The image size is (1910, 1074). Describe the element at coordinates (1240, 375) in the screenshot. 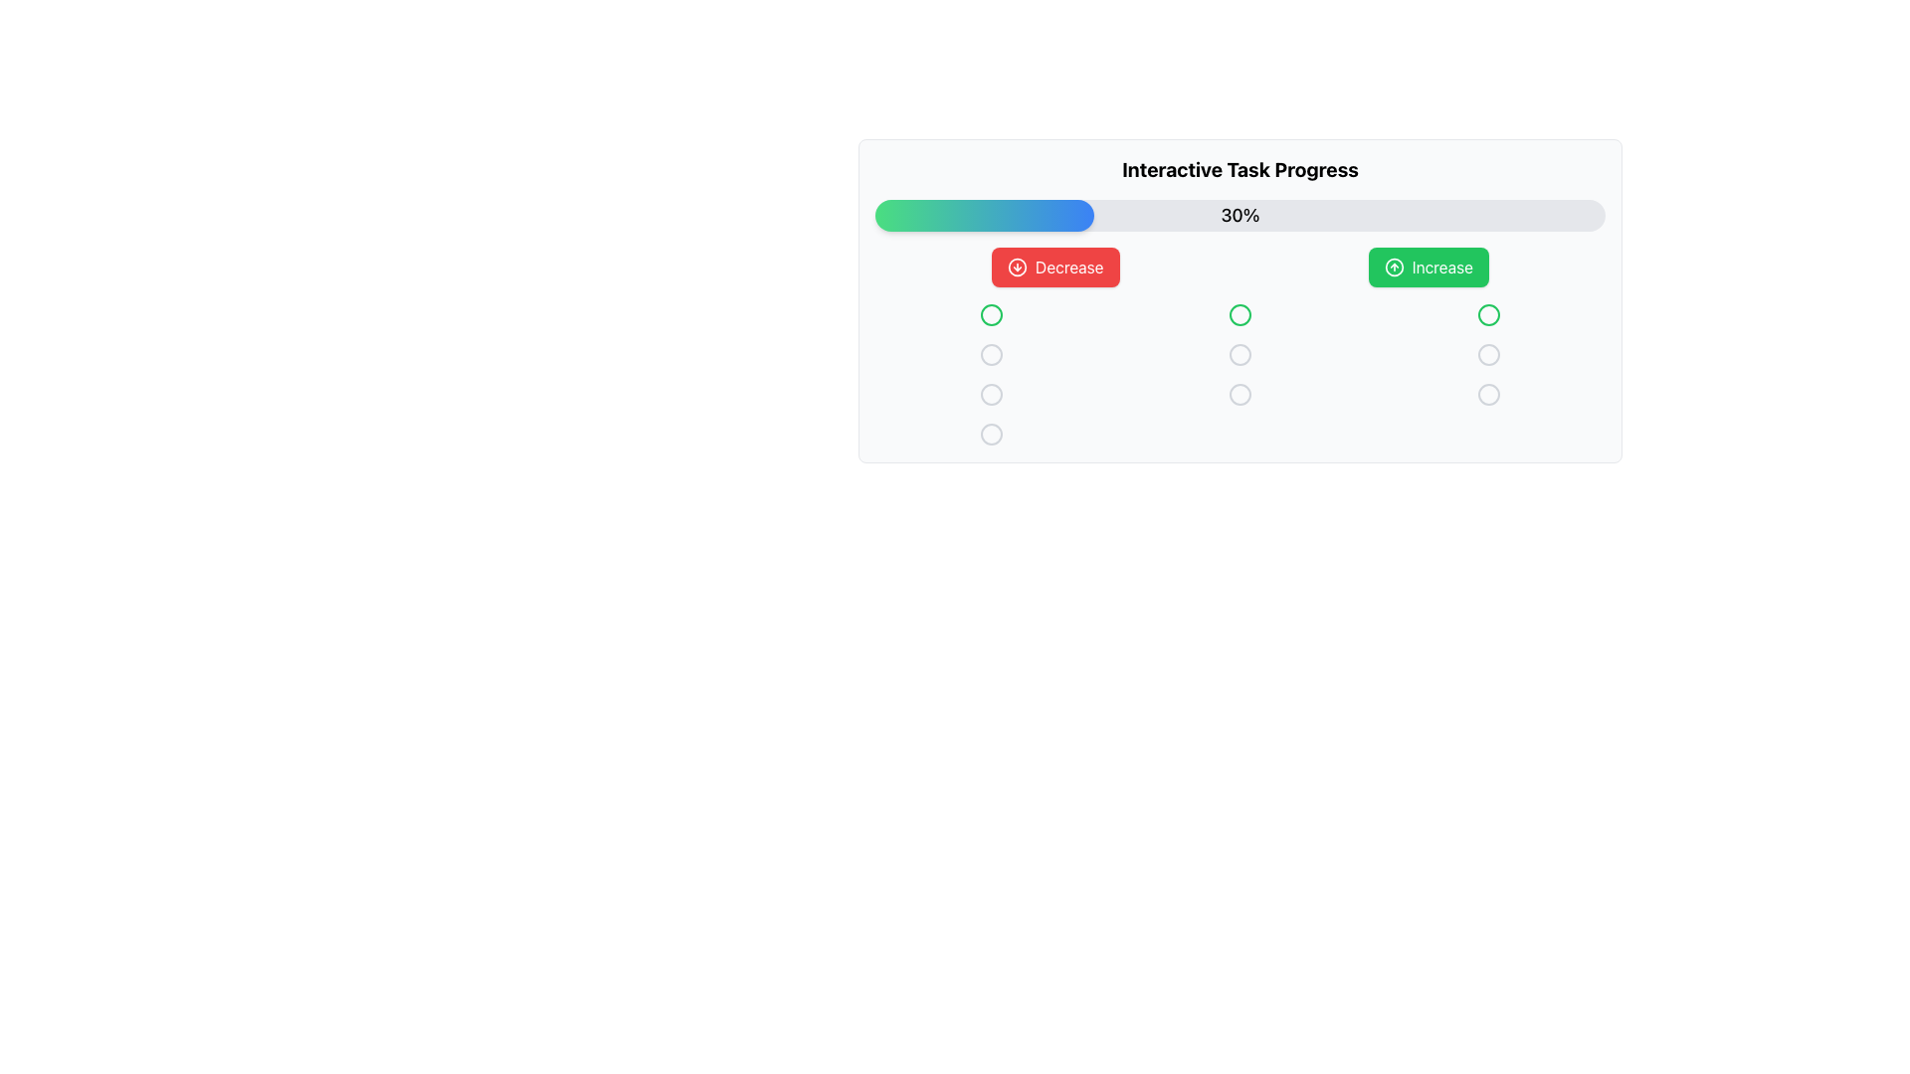

I see `the statuses represented by the nine circular icons in the grid layout located beneath the progress bar and buttons` at that location.